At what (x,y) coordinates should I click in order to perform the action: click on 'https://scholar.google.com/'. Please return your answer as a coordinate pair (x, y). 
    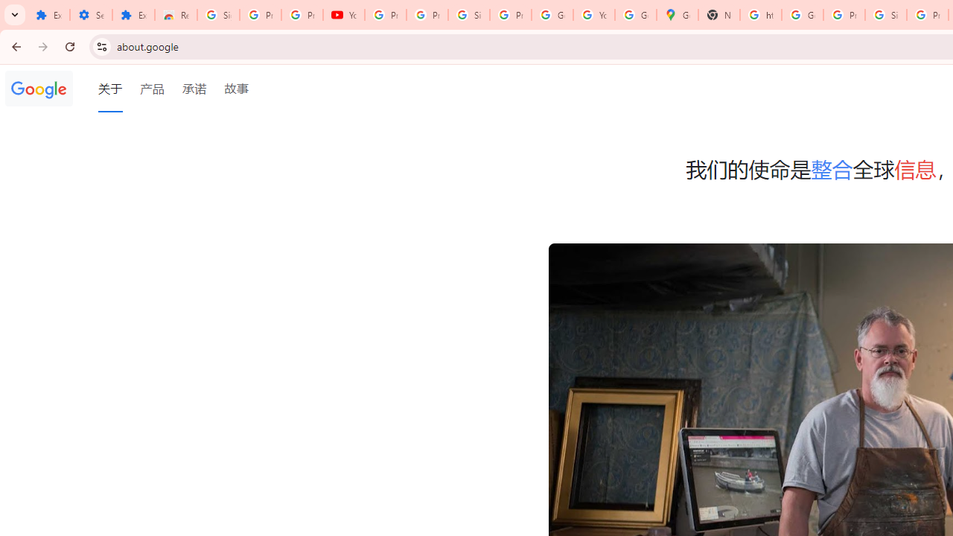
    Looking at the image, I should click on (761, 15).